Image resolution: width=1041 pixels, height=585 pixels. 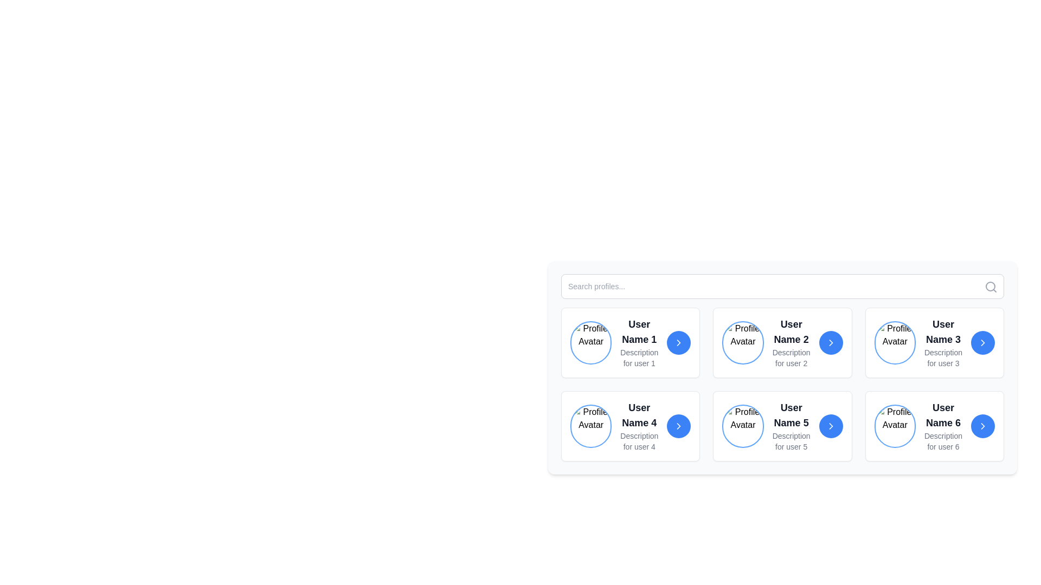 I want to click on the Text Display element that shows the name and description of a user profile, located to the right of the profile avatar image, so click(x=942, y=342).